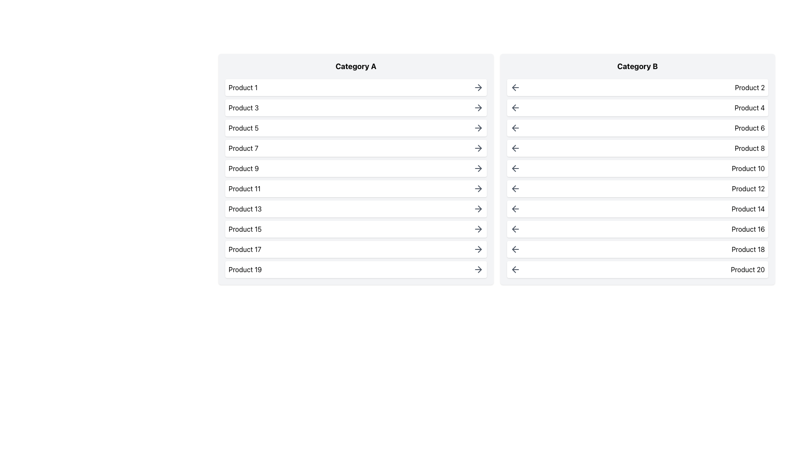 Image resolution: width=810 pixels, height=455 pixels. I want to click on the navigation arrow icon for 'Product 17' located in the 'Category A' section, so click(478, 249).